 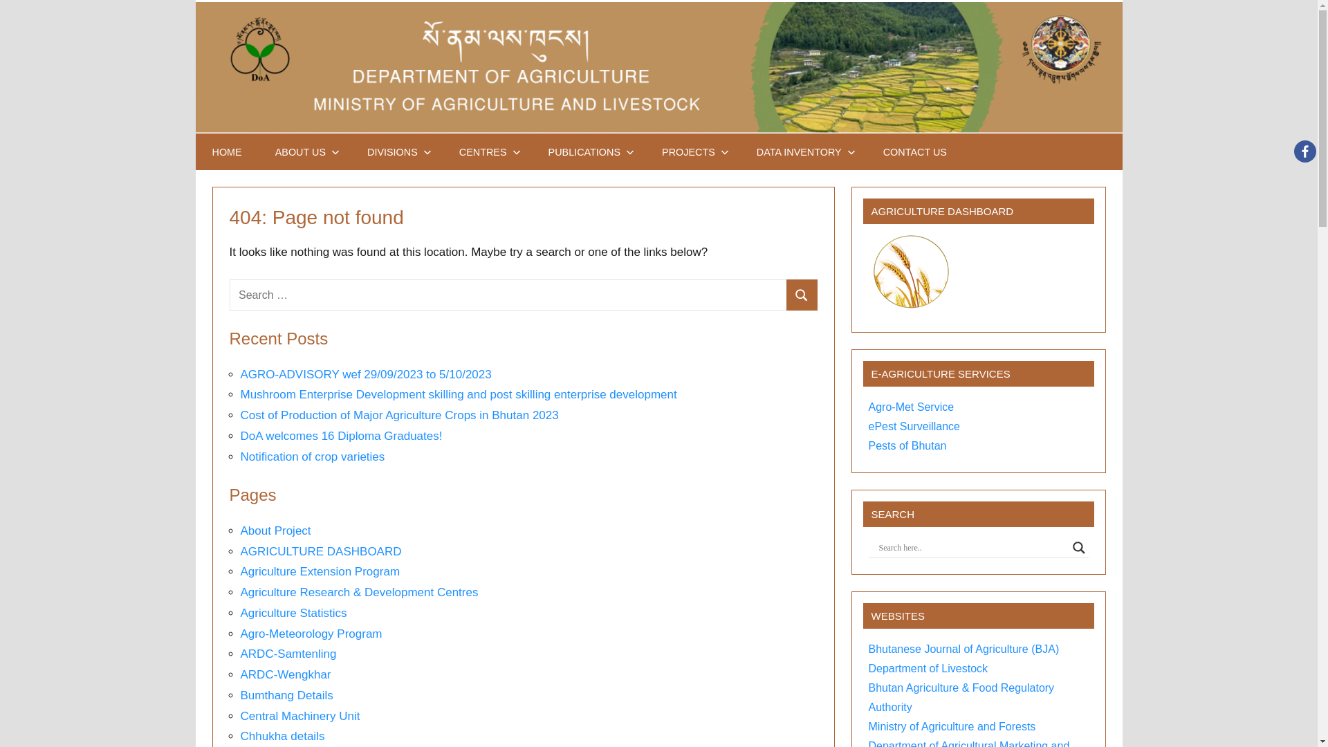 I want to click on 'HOME', so click(x=226, y=151).